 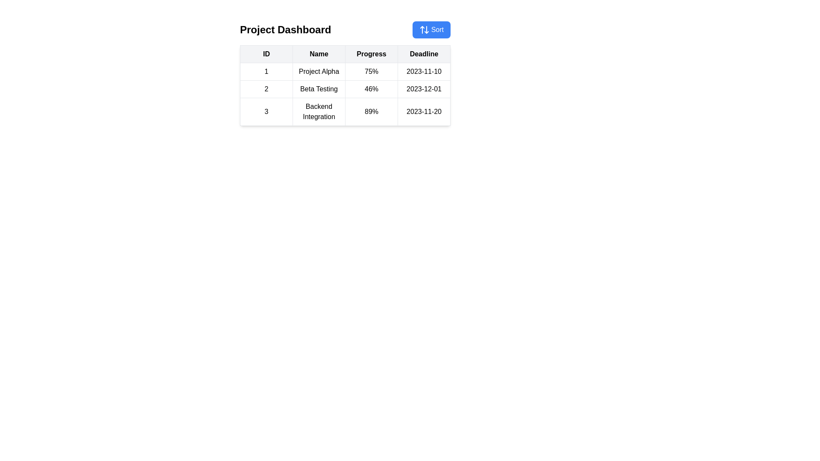 I want to click on the text display element that shows the deadline date for the 'Backend Integration' project, located in the last column of the third row of the table, so click(x=424, y=111).